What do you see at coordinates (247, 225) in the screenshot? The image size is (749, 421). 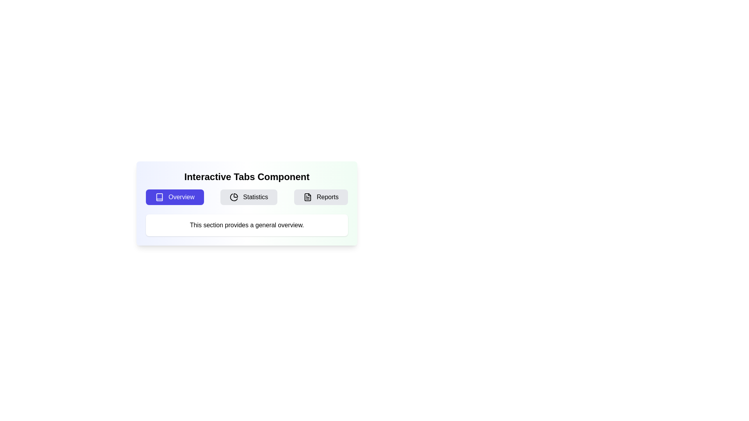 I see `text content of the text block that says 'This section provides a general overview.' positioned below the interactive tabs labeled 'Overview,' 'Statistics,' and 'Reports.'` at bounding box center [247, 225].